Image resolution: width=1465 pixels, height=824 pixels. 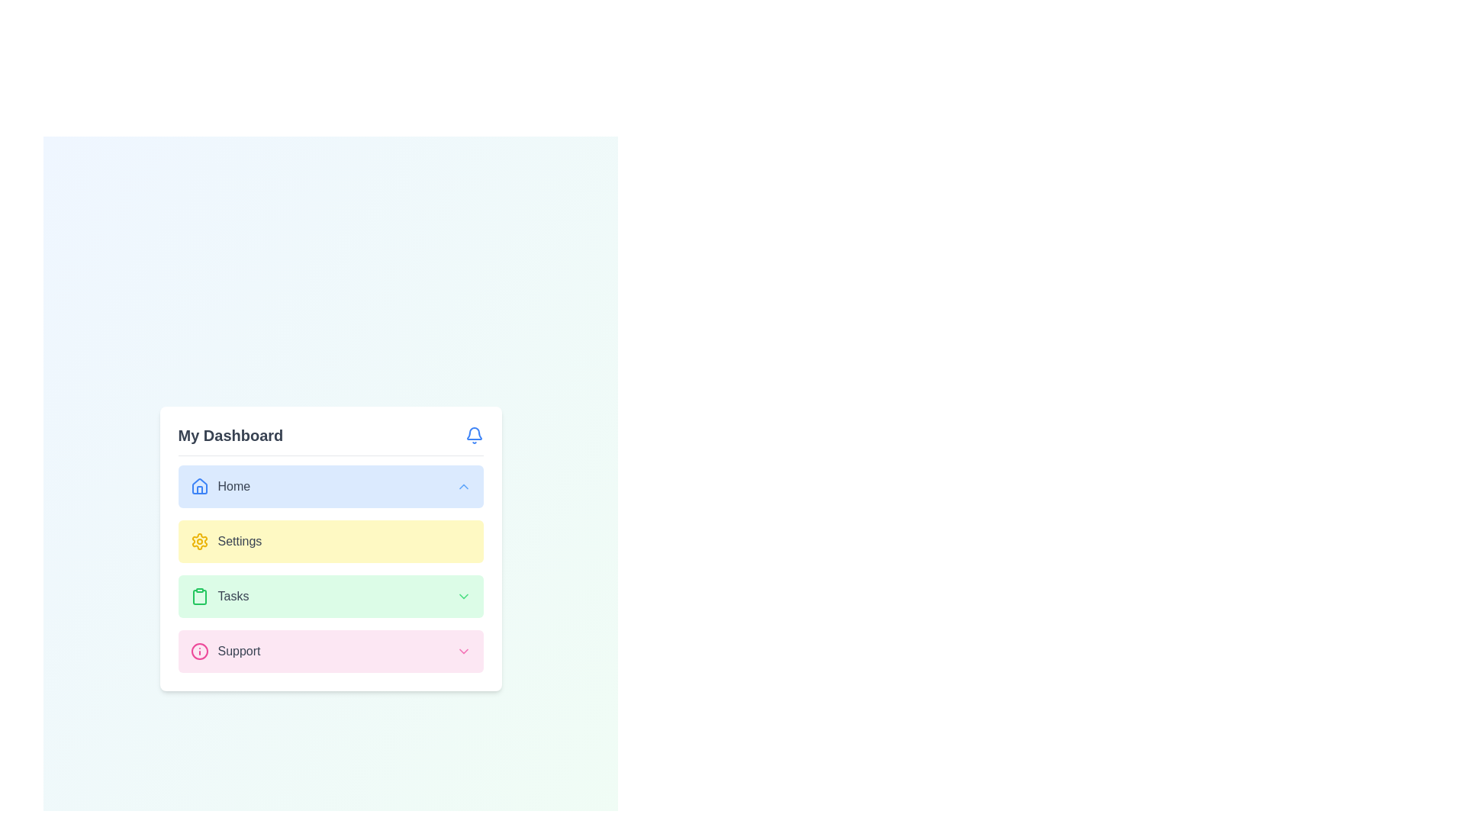 I want to click on the small part of the house icon within the blue background tile labeled 'Home' in the top section of the vertical menu, so click(x=198, y=489).